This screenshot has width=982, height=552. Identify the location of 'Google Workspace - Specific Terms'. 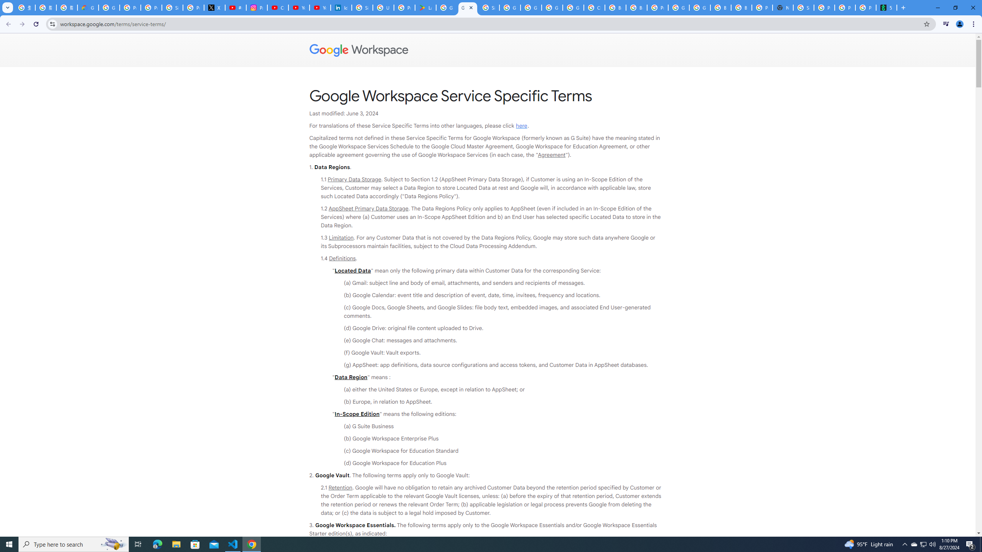
(467, 7).